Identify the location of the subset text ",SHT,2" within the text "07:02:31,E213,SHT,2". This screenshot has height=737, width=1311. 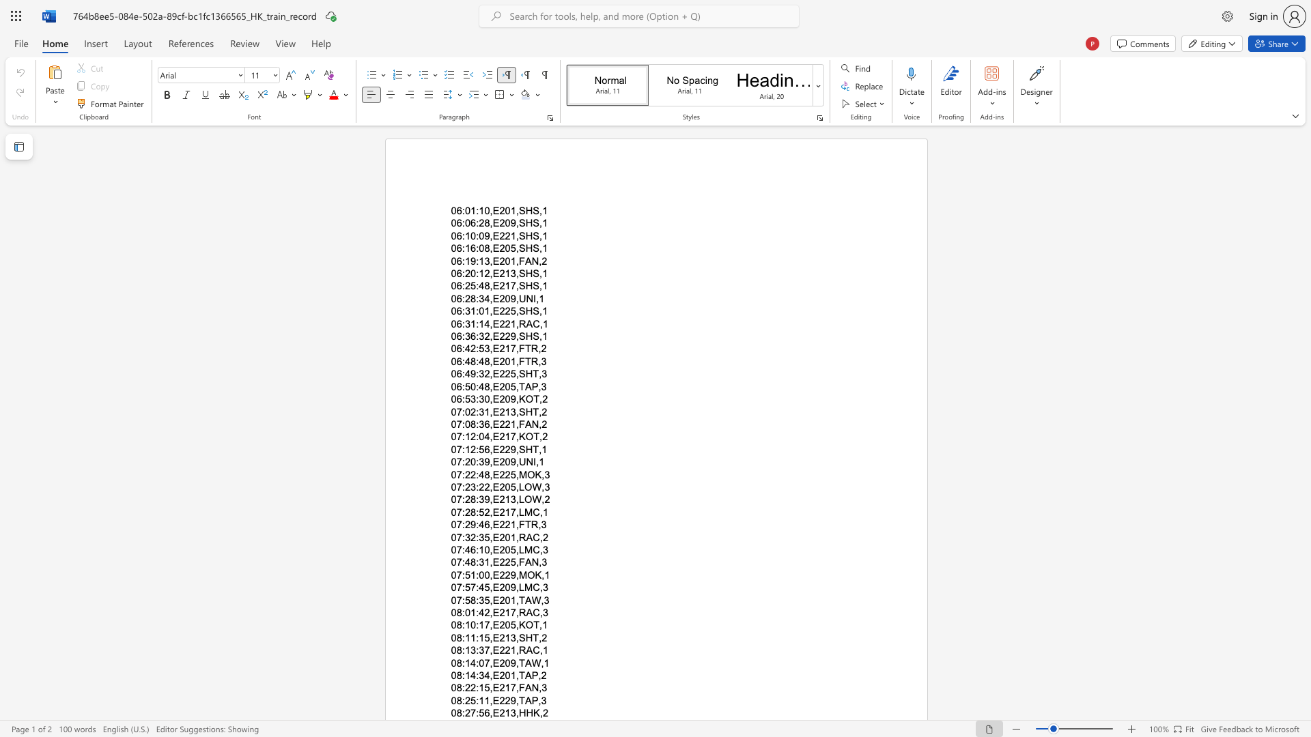
(515, 411).